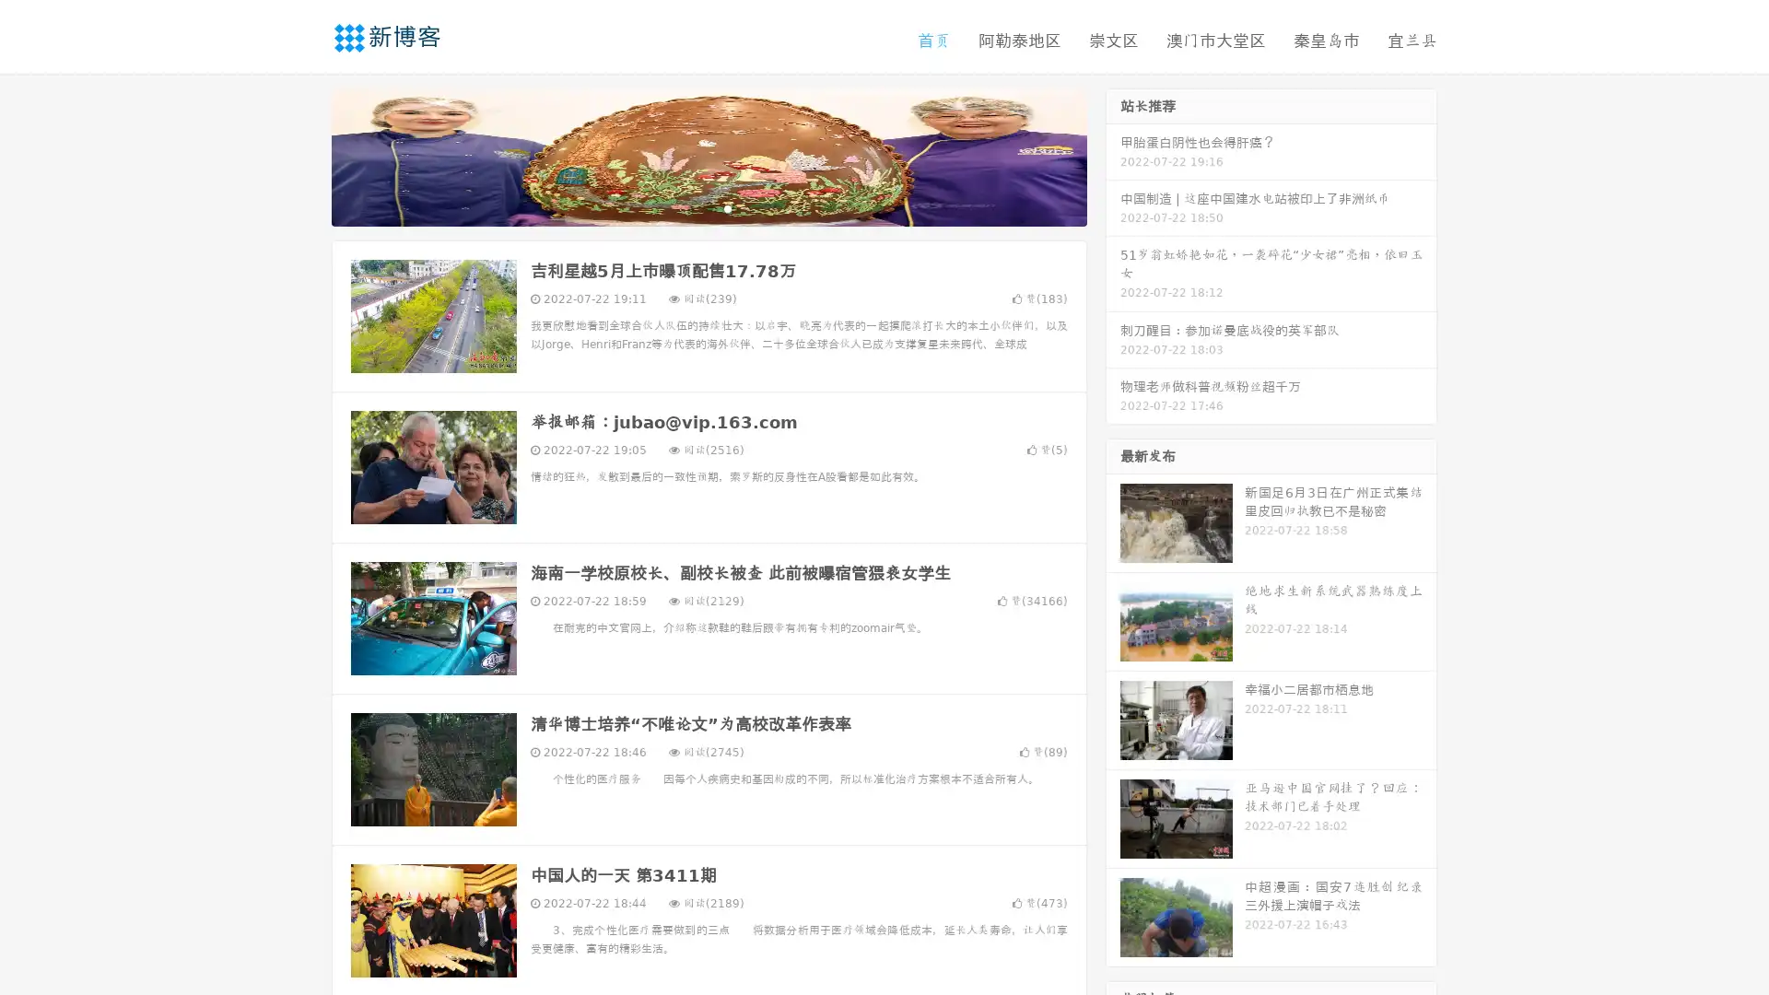  Describe the element at coordinates (727, 207) in the screenshot. I see `Go to slide 3` at that location.